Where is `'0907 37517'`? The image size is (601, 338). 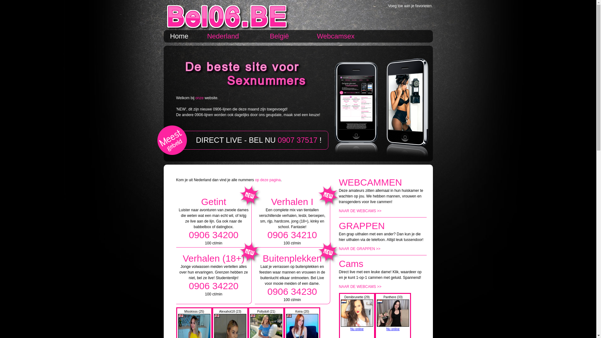
'0907 37517' is located at coordinates (297, 140).